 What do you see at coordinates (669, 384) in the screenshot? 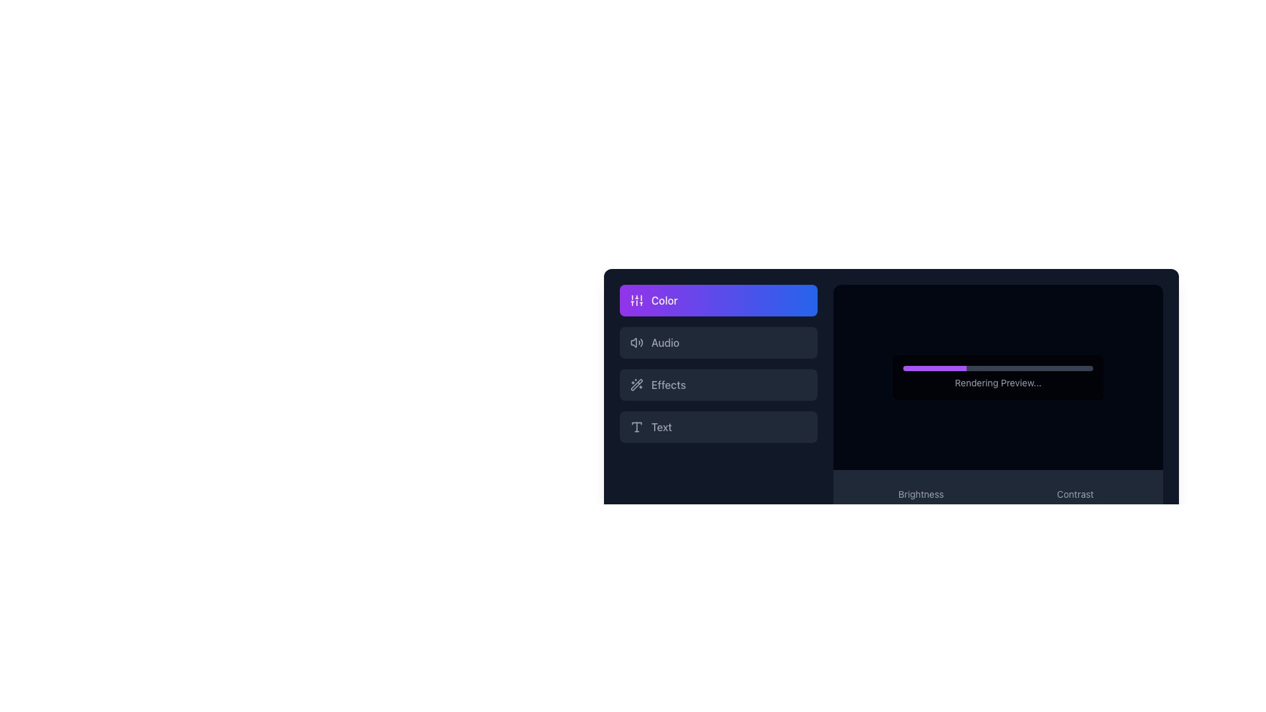
I see `the effects menu item located in the third row of the vertical menu, positioned below the 'Audio' option and above the 'Text' option` at bounding box center [669, 384].